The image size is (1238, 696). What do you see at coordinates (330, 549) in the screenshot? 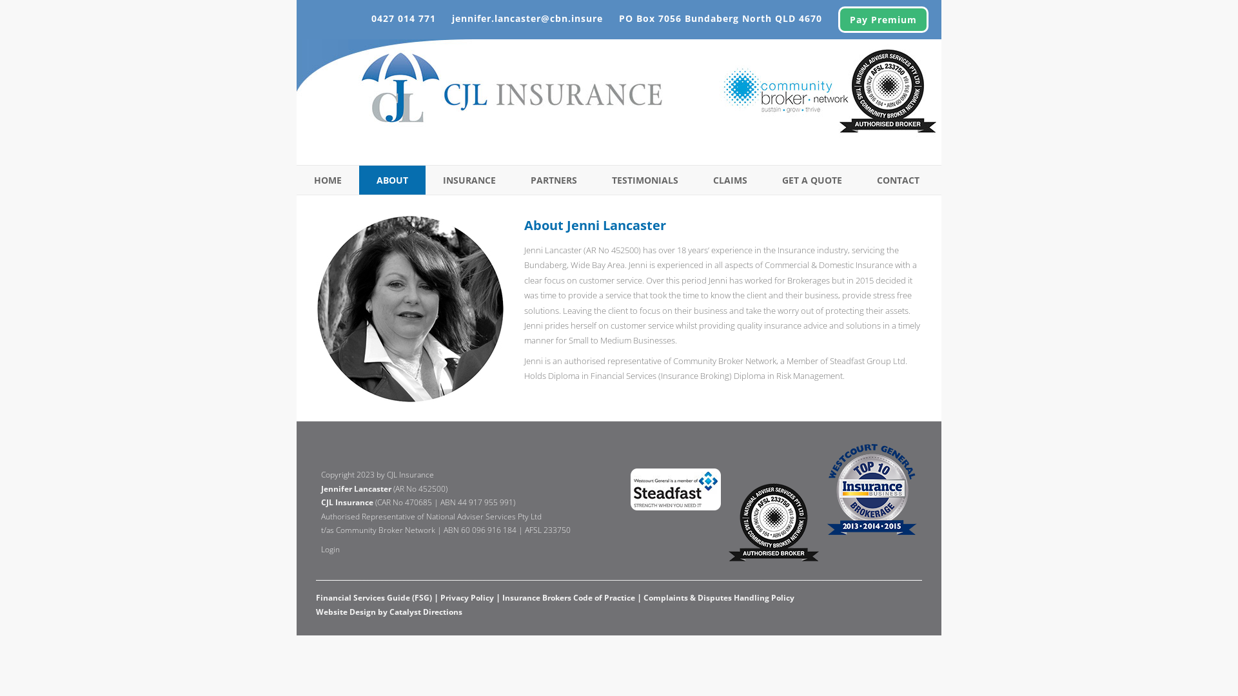
I see `'Login'` at bounding box center [330, 549].